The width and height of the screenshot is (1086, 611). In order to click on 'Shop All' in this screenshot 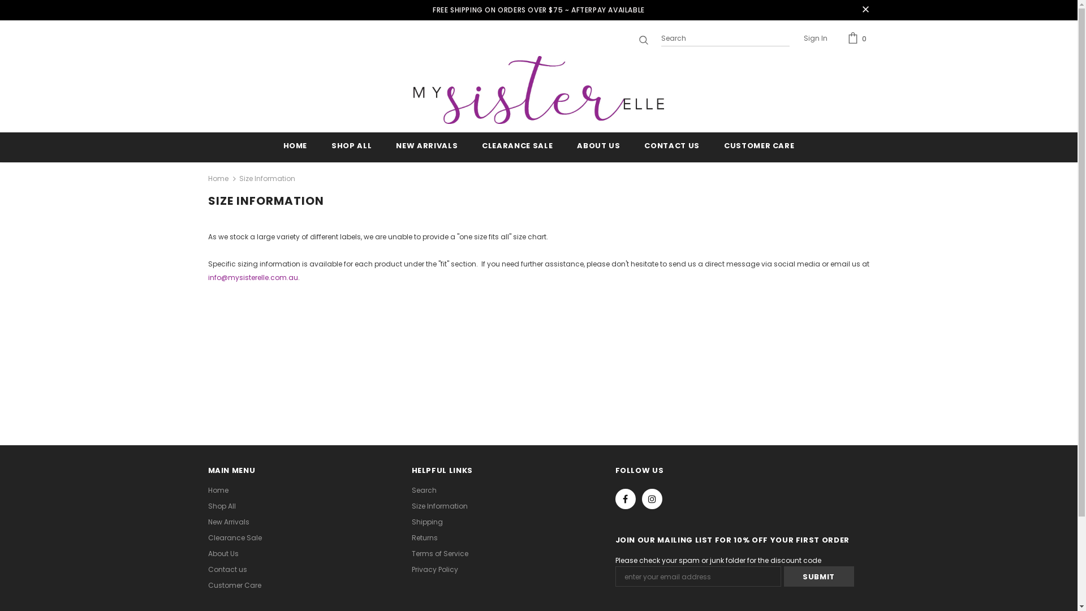, I will do `click(222, 505)`.